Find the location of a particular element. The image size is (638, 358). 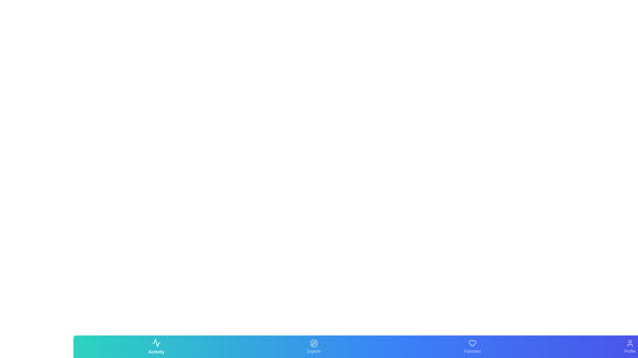

the Activity tab icon is located at coordinates (156, 346).